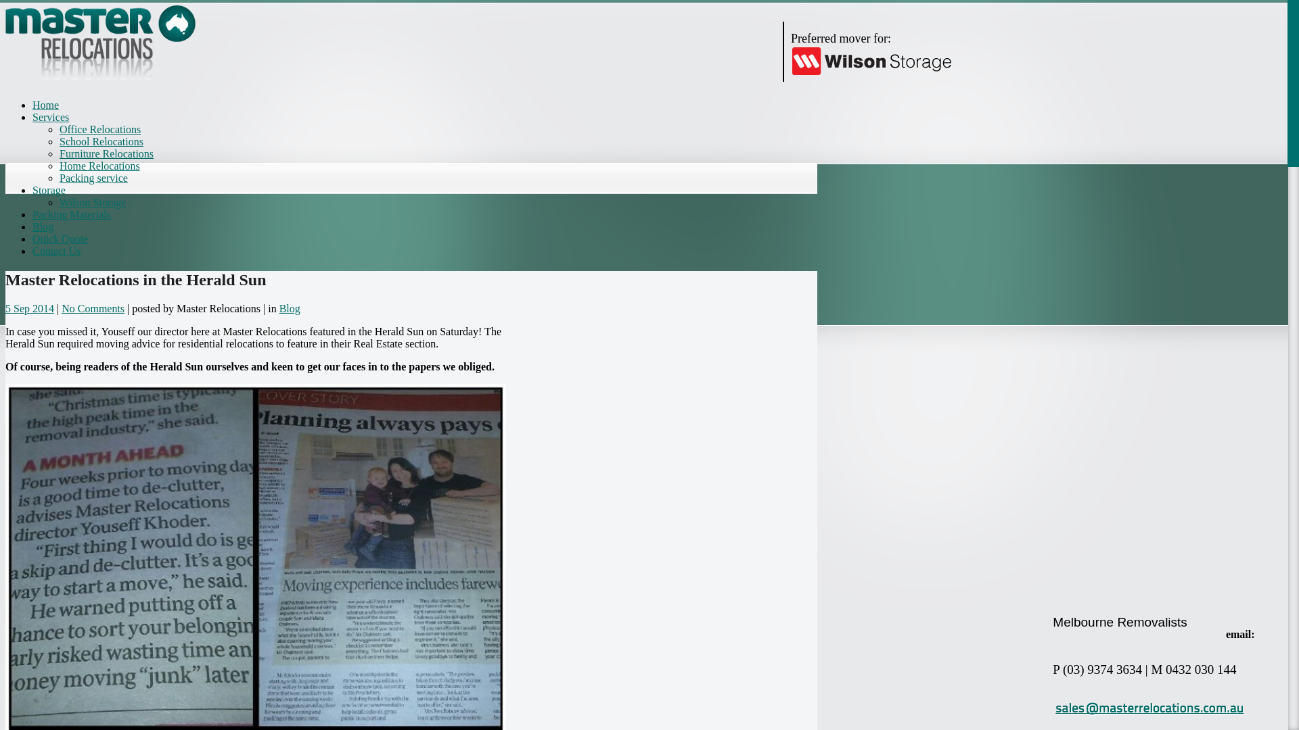  What do you see at coordinates (60, 238) in the screenshot?
I see `'Quick Quote'` at bounding box center [60, 238].